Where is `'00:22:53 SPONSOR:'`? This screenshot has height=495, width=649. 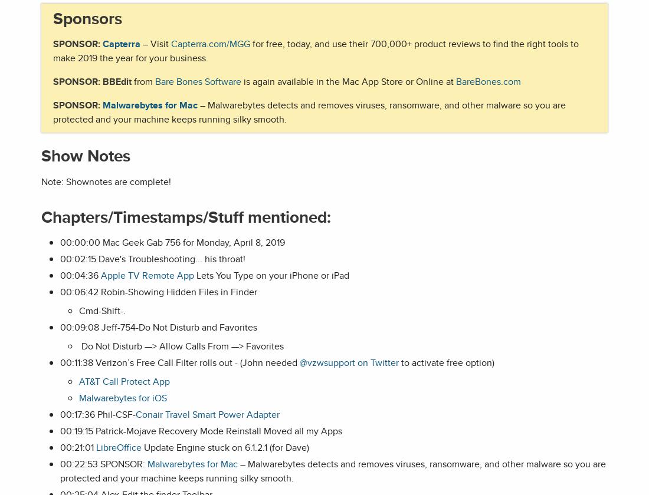 '00:22:53 SPONSOR:' is located at coordinates (103, 464).